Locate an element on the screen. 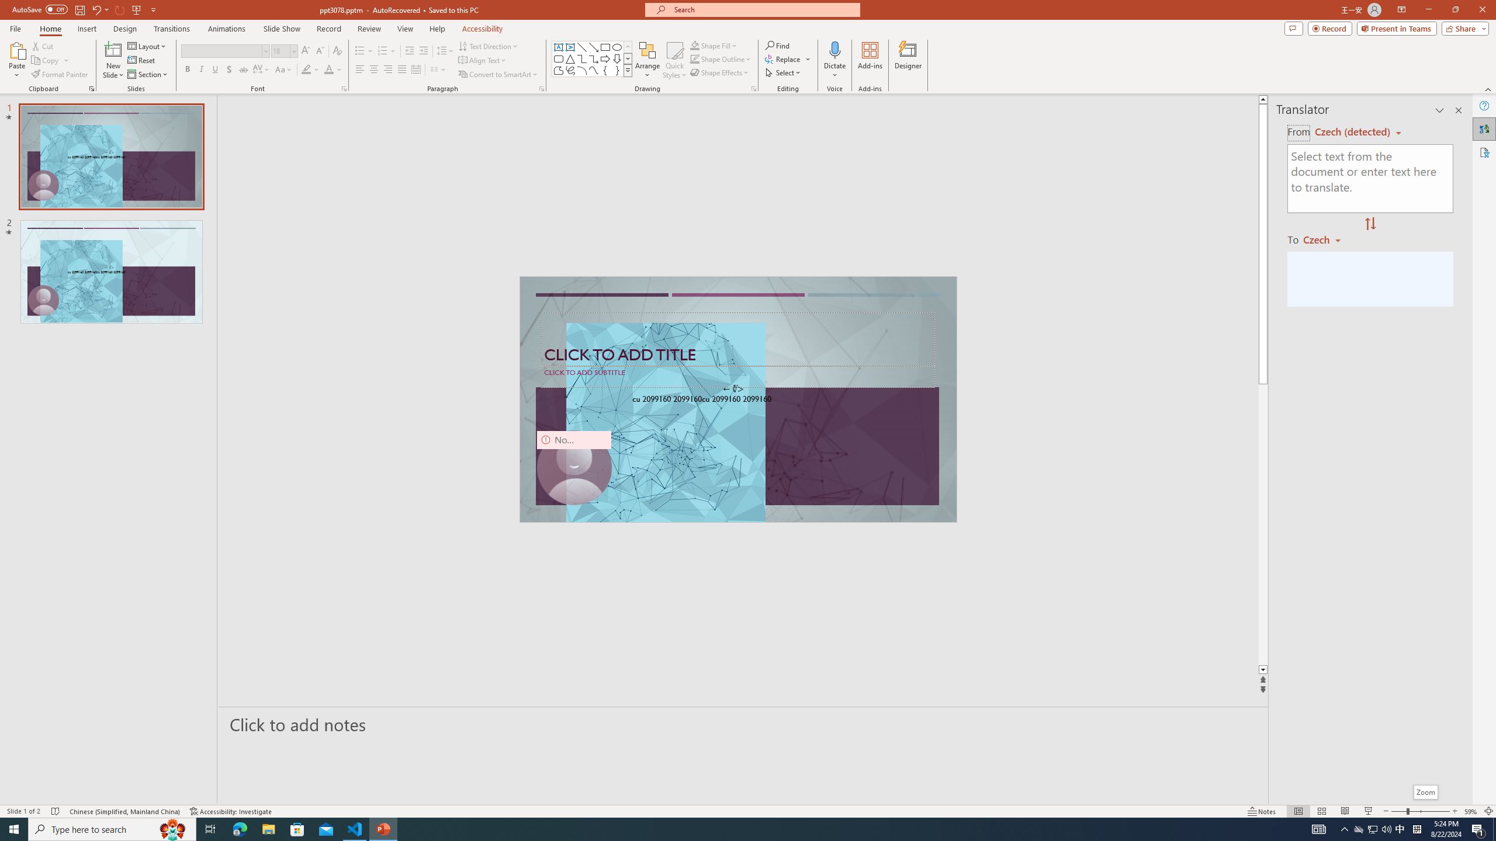  'TextBox 61' is located at coordinates (736, 400).